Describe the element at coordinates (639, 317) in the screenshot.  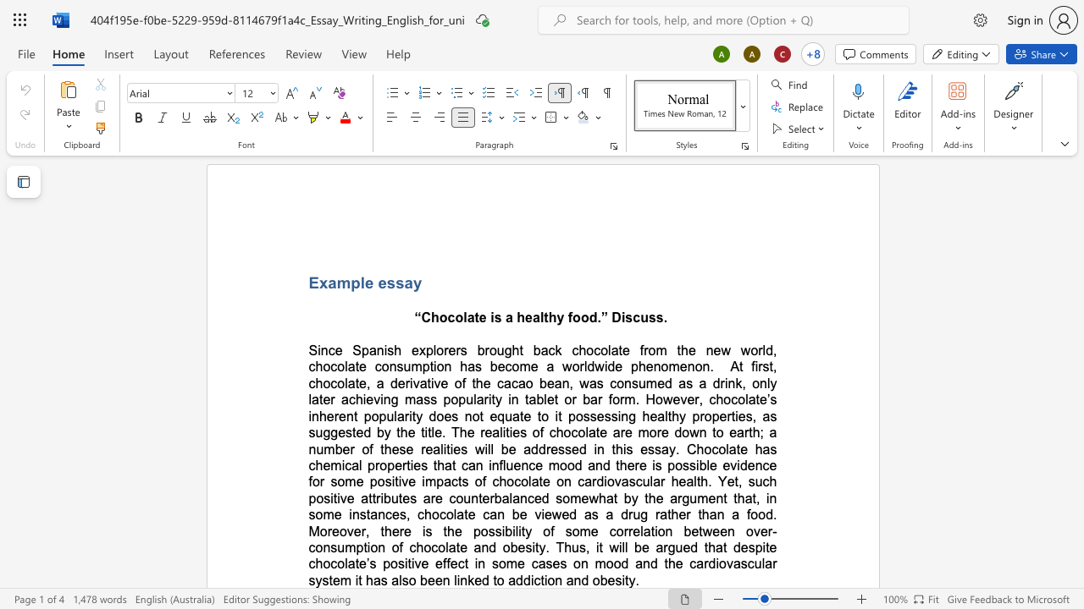
I see `the space between the continuous character "c" and "u" in the text` at that location.